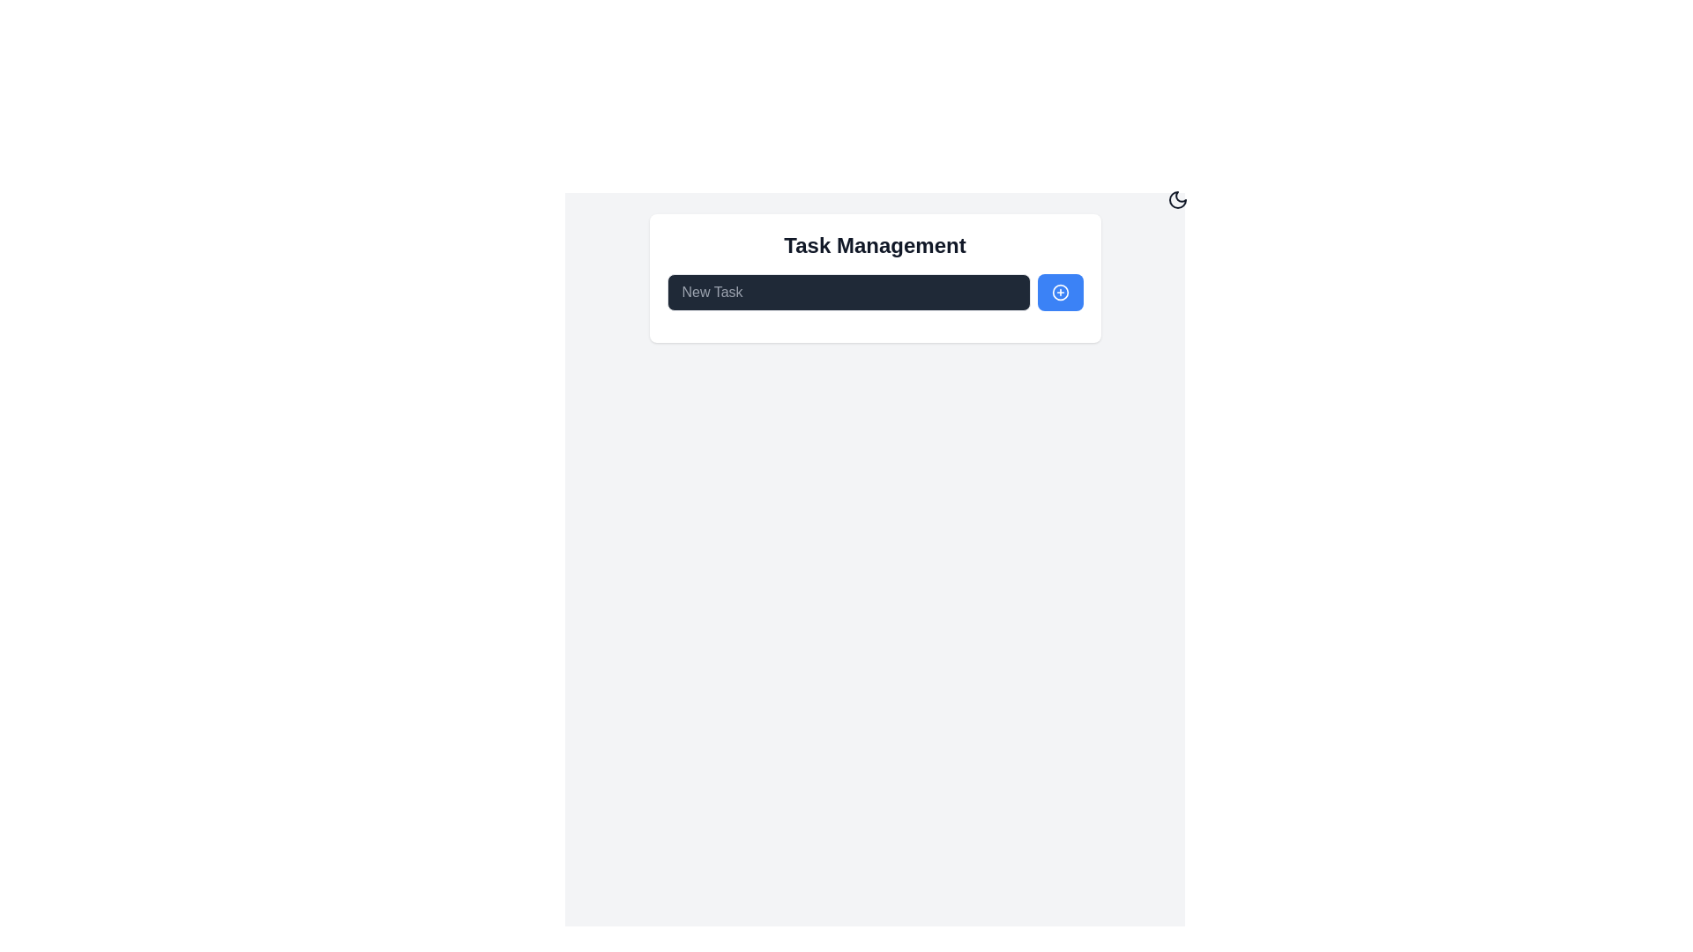 Image resolution: width=1693 pixels, height=952 pixels. What do you see at coordinates (848, 291) in the screenshot?
I see `the text input field for new tasks, which has the placeholder 'New Task'` at bounding box center [848, 291].